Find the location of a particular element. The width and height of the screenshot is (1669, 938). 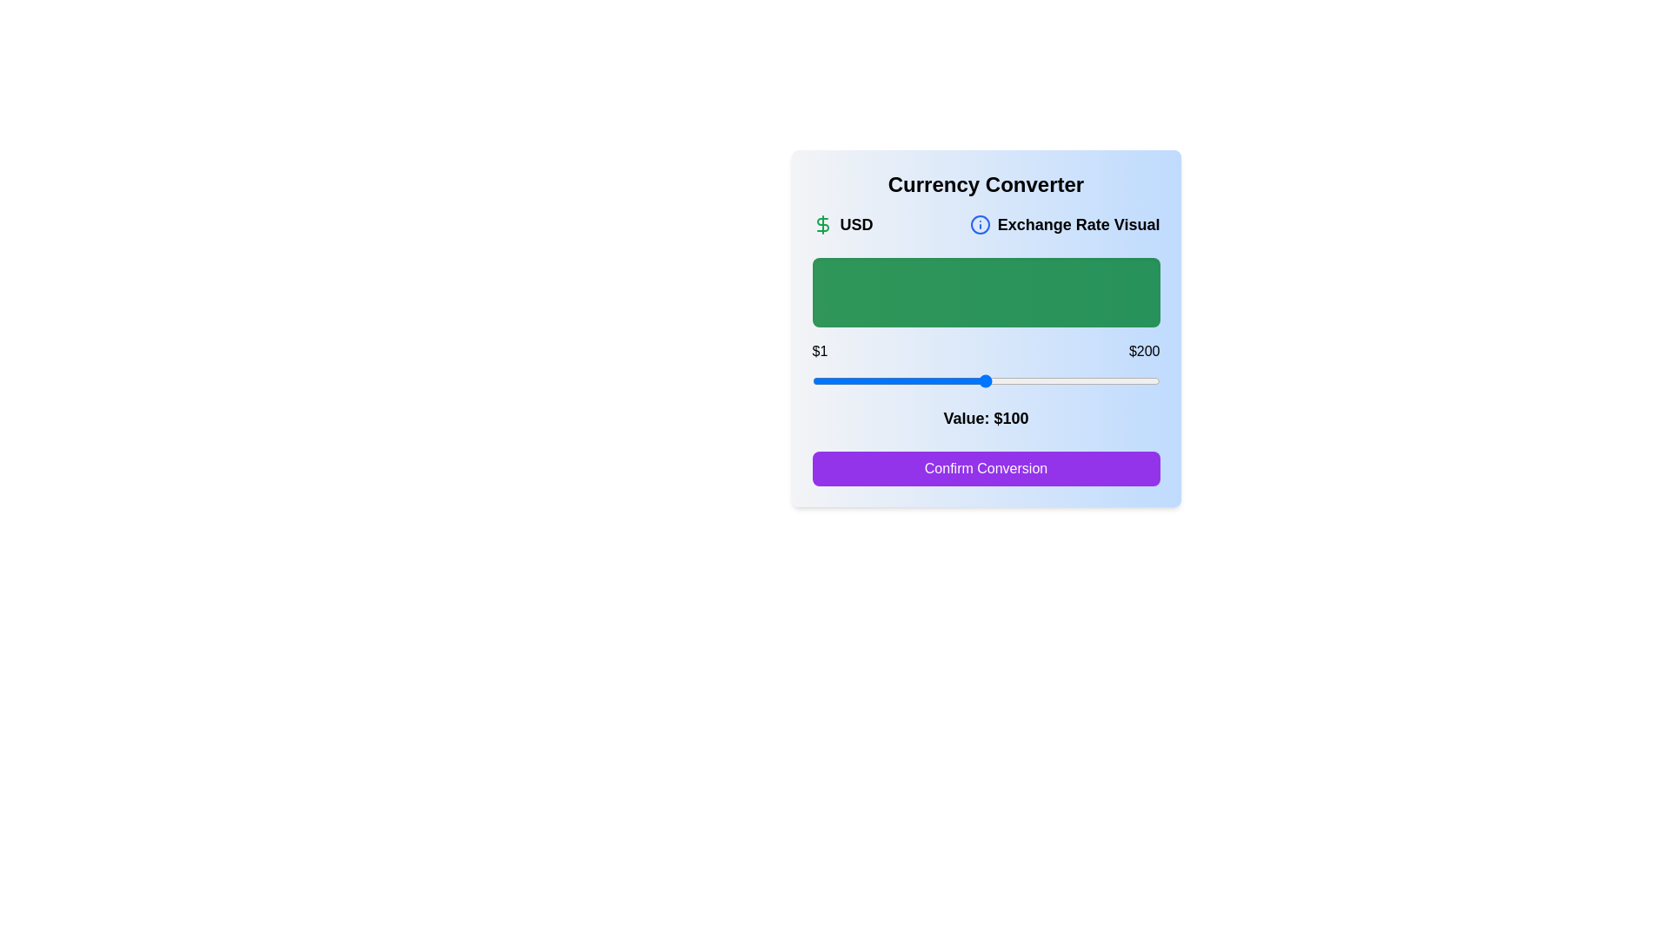

the slider to set the value to 172 is located at coordinates (1110, 380).